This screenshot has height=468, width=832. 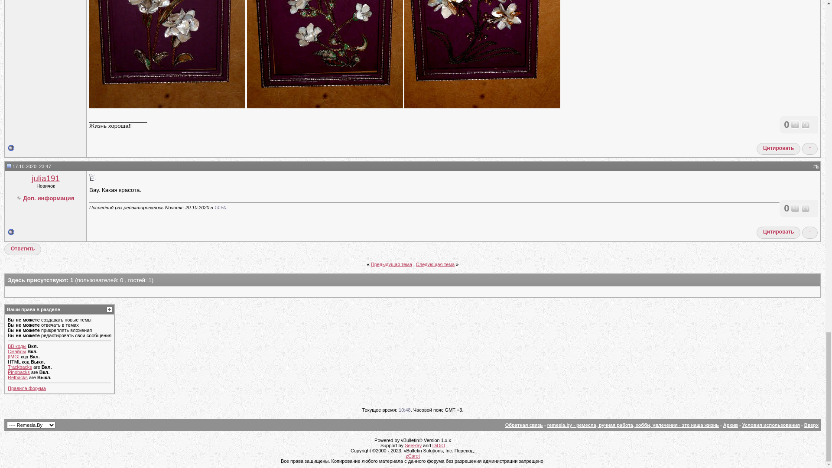 I want to click on '2', so click(x=19, y=158).